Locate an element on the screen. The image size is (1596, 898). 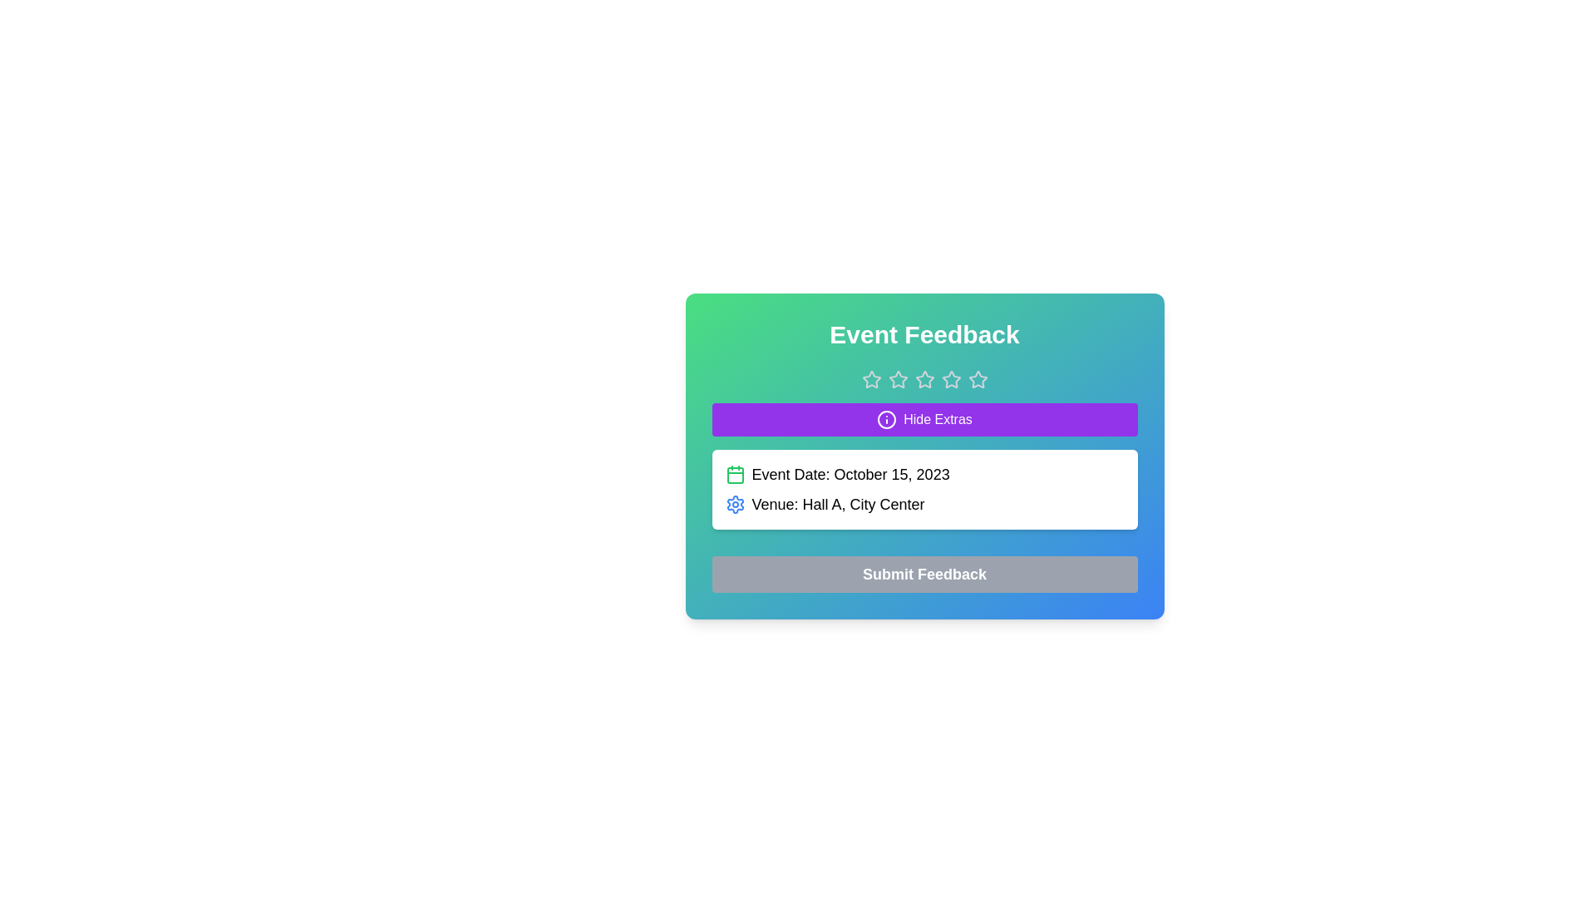
the star corresponding to the desired rating 5 is located at coordinates (978, 379).